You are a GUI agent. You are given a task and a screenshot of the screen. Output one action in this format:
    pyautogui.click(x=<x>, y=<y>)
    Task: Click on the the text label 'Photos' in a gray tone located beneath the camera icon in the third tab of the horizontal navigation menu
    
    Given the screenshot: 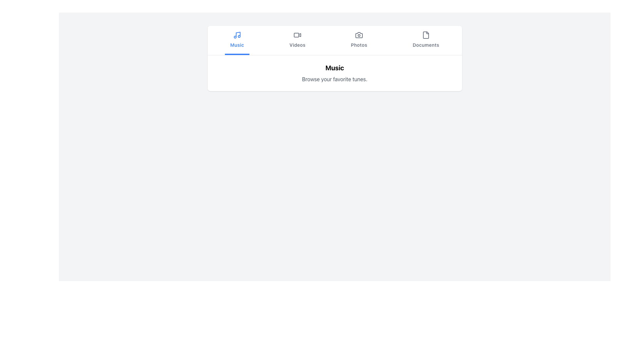 What is the action you would take?
    pyautogui.click(x=359, y=45)
    